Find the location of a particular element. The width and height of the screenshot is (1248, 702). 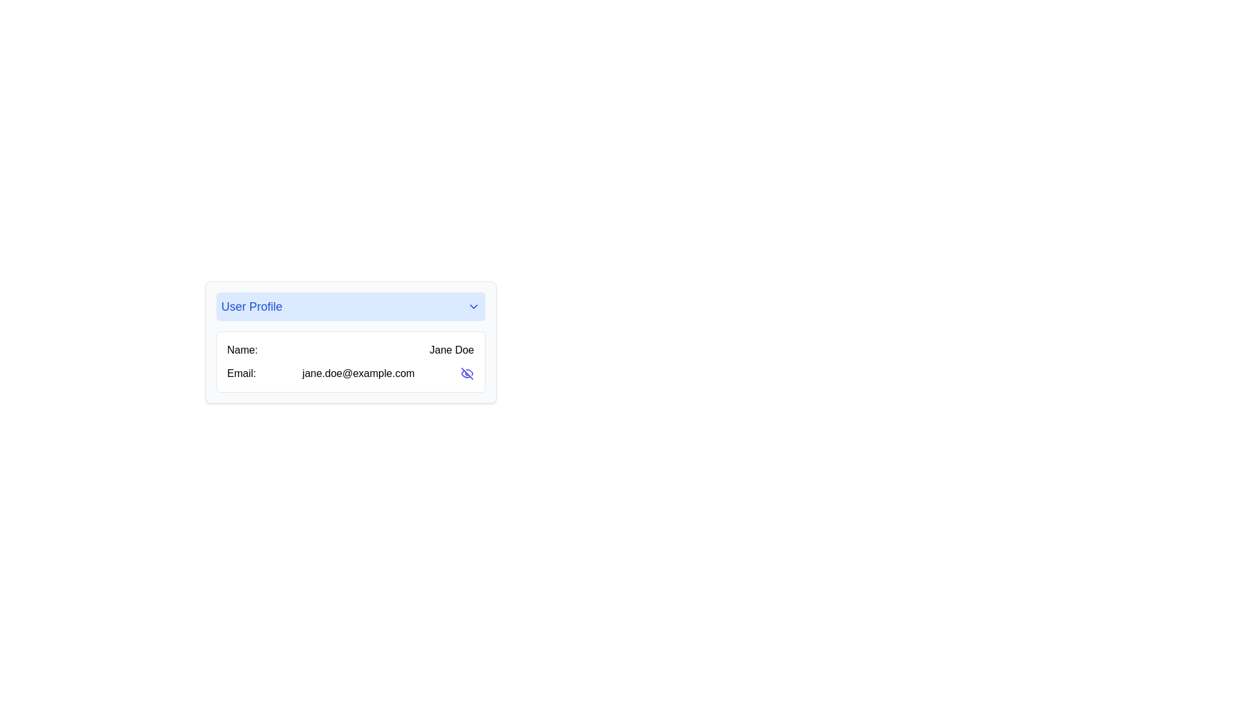

the text label displaying 'Name:' which is in bold font and located in the 'User Profile' section, positioned to the left of 'Jane Doe' and above the 'Email:' label is located at coordinates (242, 350).